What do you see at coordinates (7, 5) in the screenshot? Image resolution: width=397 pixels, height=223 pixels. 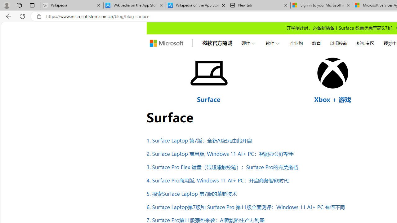 I see `'Personal Profile'` at bounding box center [7, 5].